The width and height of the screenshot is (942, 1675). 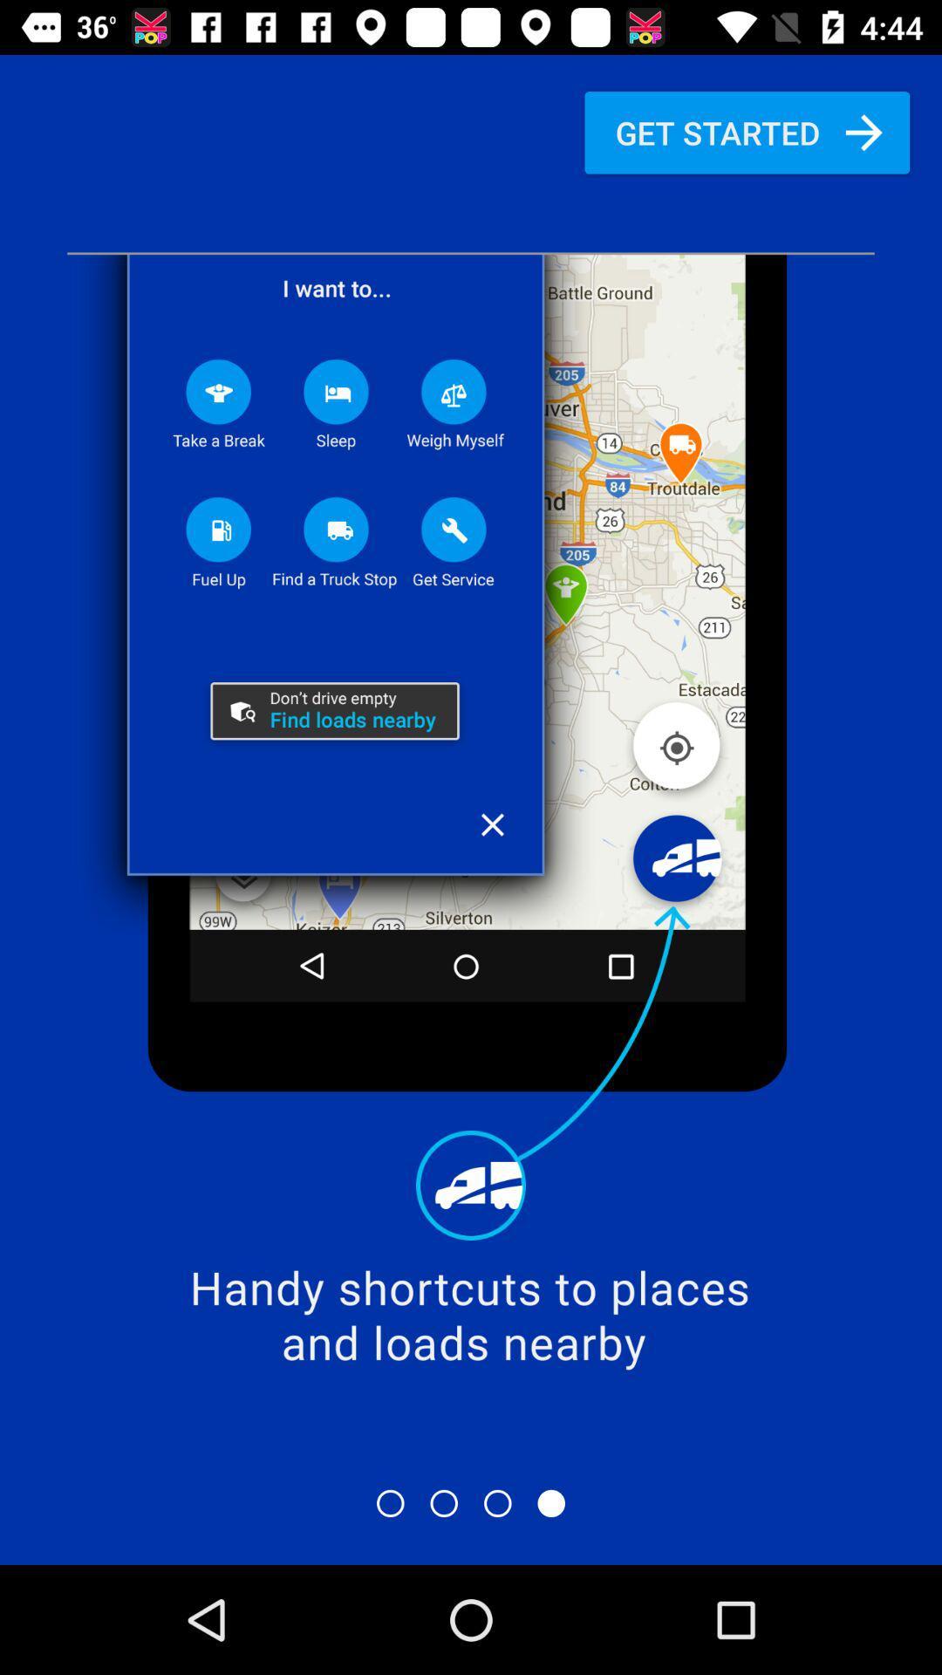 I want to click on the get started icon, so click(x=746, y=132).